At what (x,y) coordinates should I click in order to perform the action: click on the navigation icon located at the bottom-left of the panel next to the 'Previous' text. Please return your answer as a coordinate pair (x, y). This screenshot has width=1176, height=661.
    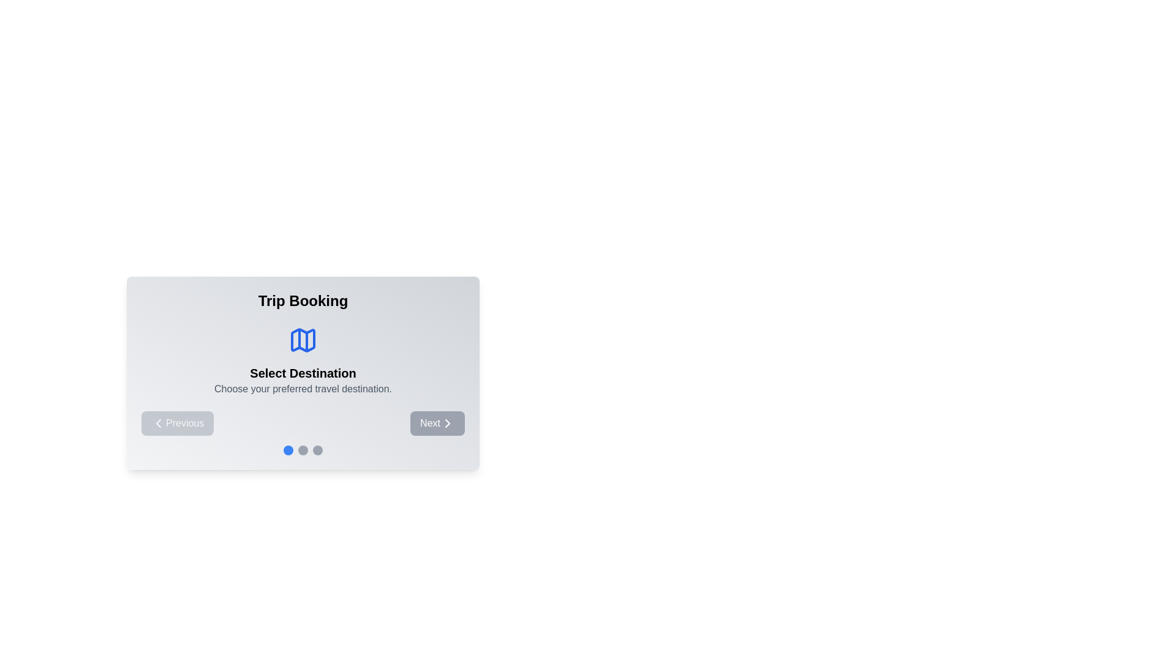
    Looking at the image, I should click on (158, 422).